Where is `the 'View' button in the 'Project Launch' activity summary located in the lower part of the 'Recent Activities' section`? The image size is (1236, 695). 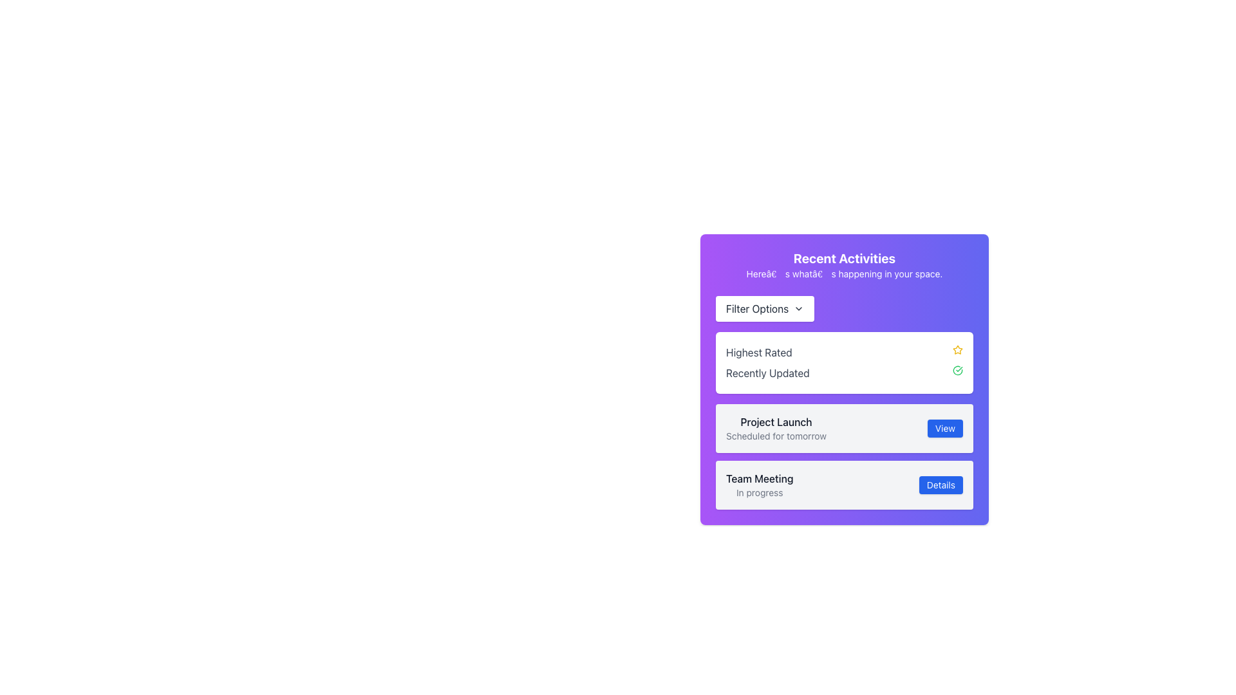 the 'View' button in the 'Project Launch' activity summary located in the lower part of the 'Recent Activities' section is located at coordinates (844, 456).